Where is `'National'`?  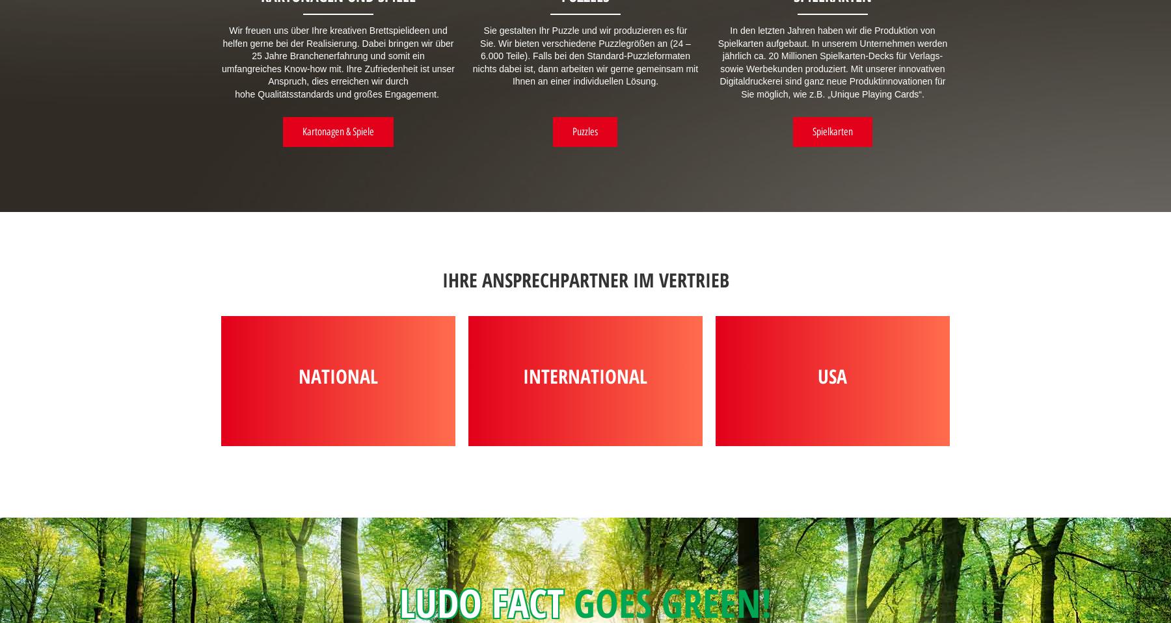 'National' is located at coordinates (336, 375).